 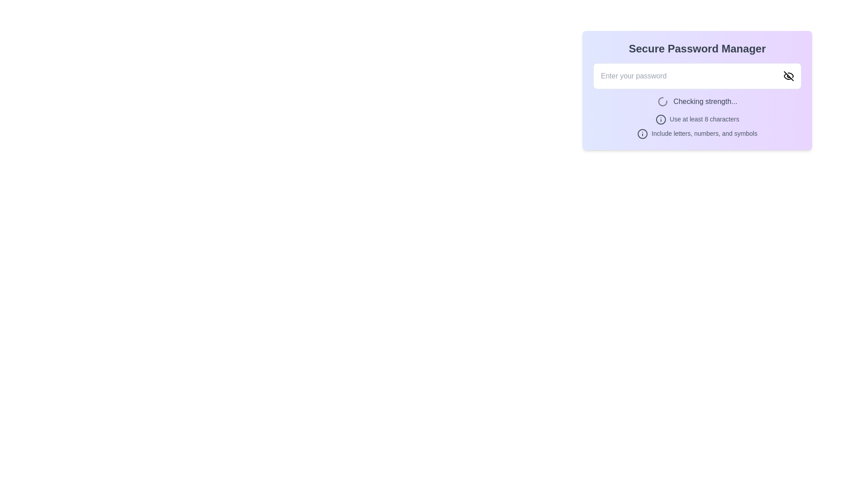 I want to click on the graphical loader (animated) which indicates that the system is processing or evaluating password strength, located beside the text 'Checking strength...' in the password strength indicator section, so click(x=662, y=101).